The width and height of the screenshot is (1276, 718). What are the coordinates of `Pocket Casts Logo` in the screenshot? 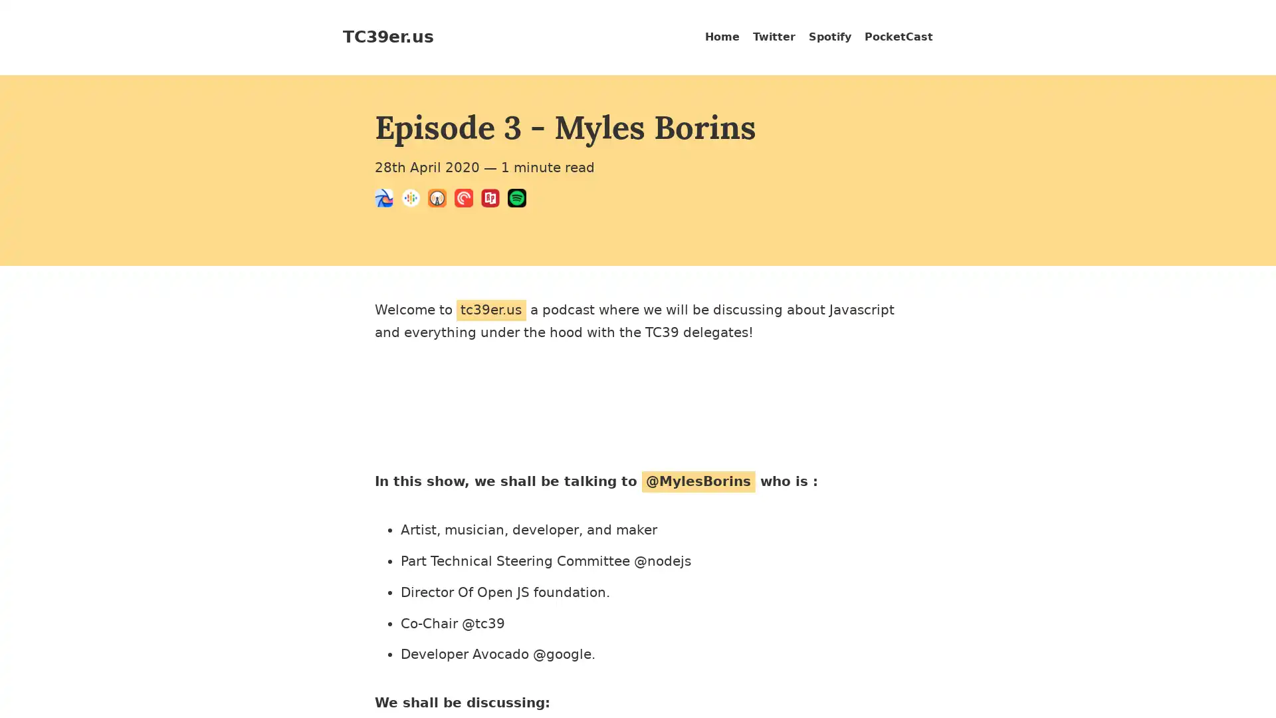 It's located at (468, 200).